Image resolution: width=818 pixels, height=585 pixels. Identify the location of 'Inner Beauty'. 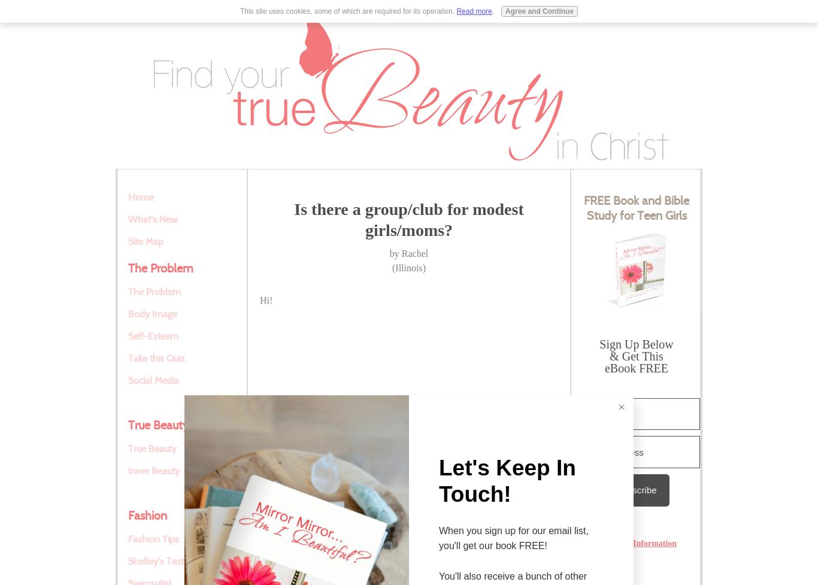
(128, 471).